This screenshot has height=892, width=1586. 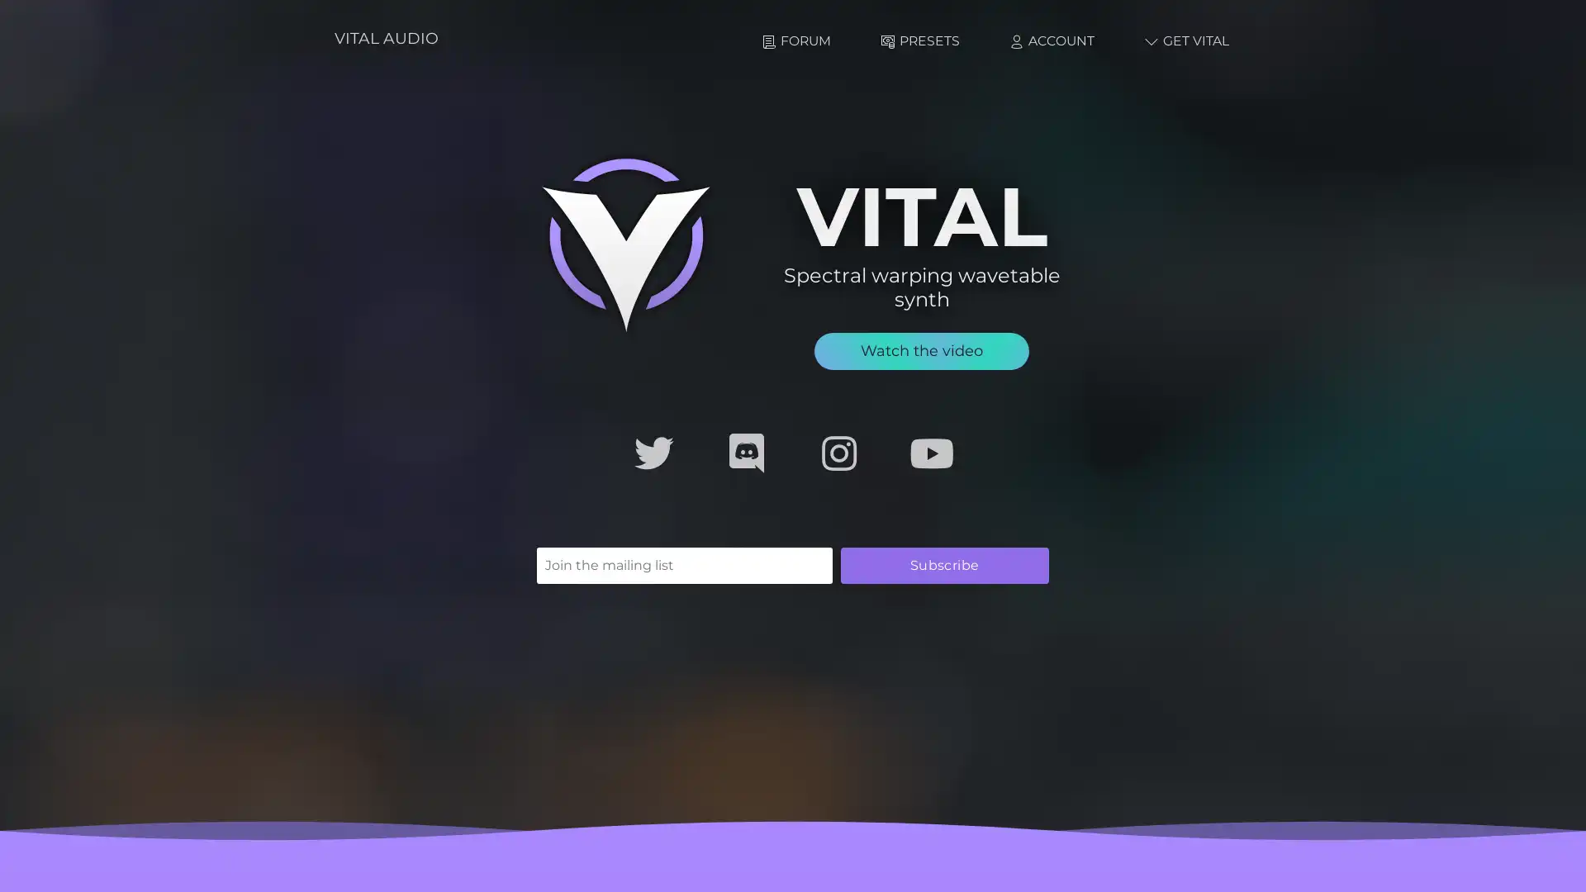 What do you see at coordinates (944, 563) in the screenshot?
I see `Subscribe` at bounding box center [944, 563].